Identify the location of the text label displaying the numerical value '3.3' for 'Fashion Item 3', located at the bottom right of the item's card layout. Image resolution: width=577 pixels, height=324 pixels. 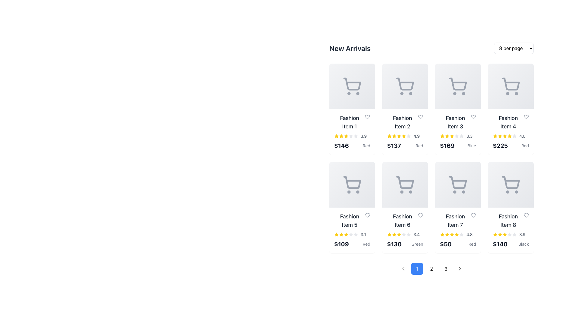
(469, 136).